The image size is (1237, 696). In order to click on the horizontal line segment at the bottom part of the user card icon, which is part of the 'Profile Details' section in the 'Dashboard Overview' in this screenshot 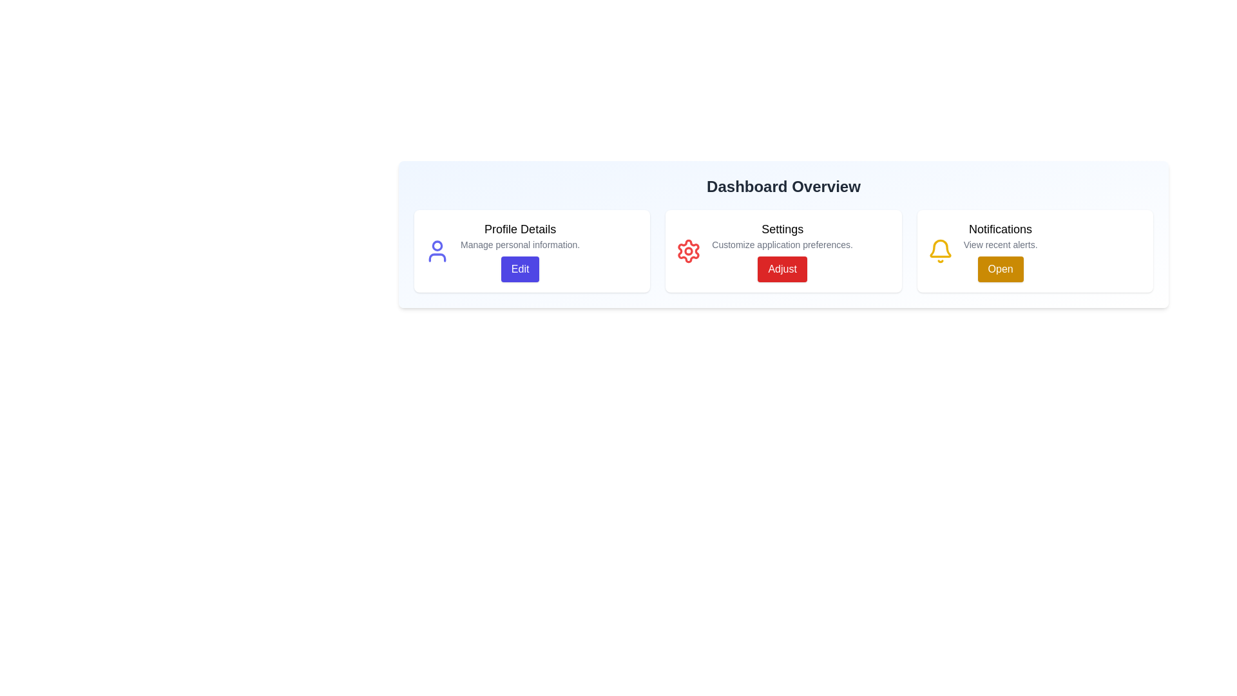, I will do `click(437, 258)`.